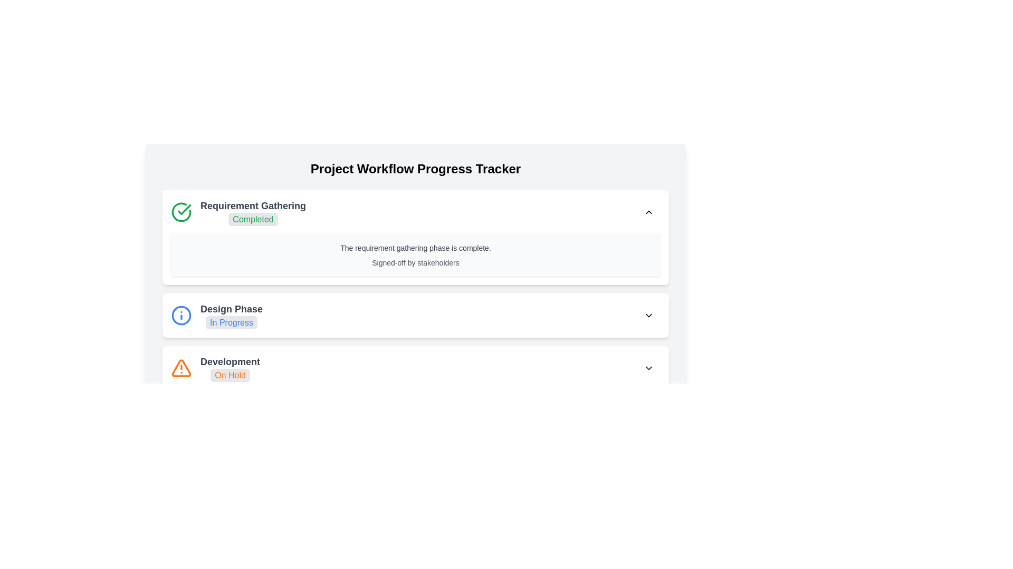 This screenshot has height=569, width=1013. I want to click on the chevron-down SVG icon located inside the rounded button, so click(648, 315).